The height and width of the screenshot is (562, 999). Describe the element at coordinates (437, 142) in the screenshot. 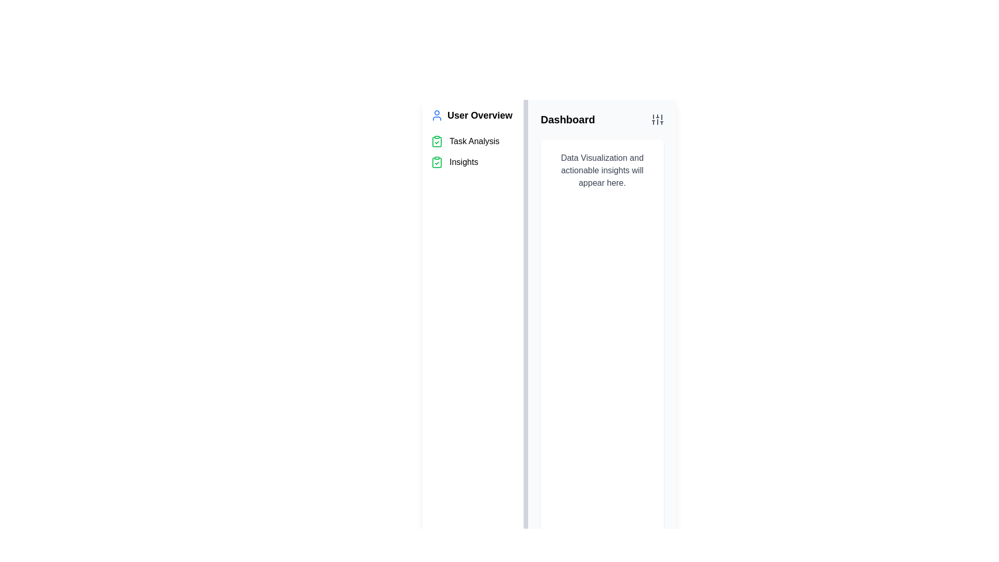

I see `the clipboard icon with a checkmark in the sidebar menu, which is positioned below the 'User Overview' icon and above the 'Insights' icon` at that location.